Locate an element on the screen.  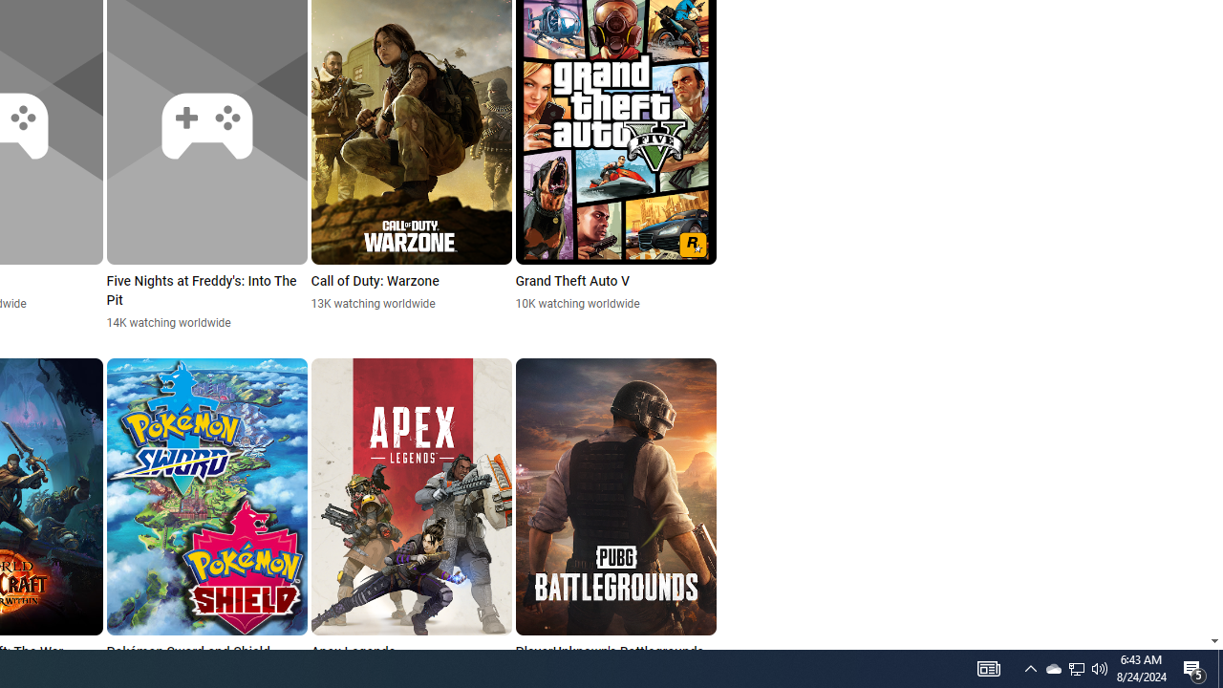
'PlayerUnknown' is located at coordinates (615, 521).